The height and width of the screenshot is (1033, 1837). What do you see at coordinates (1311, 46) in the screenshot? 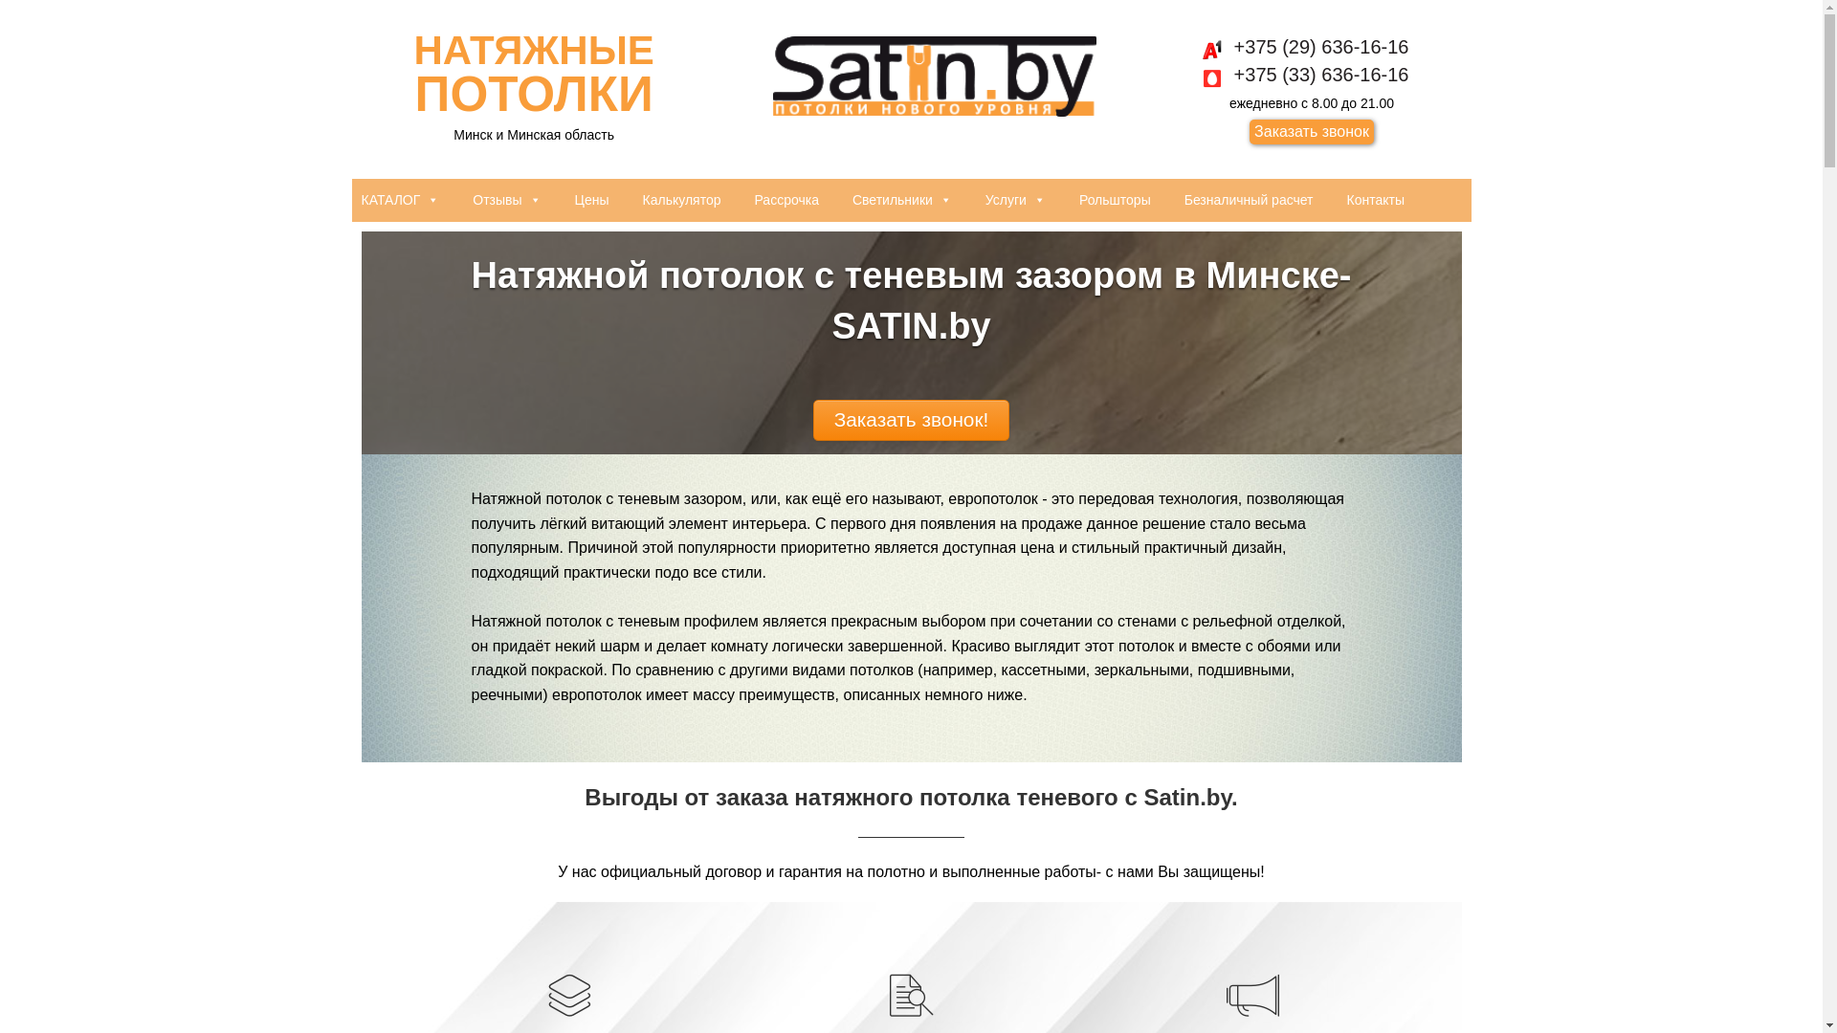
I see `'+375 (29) 636-16-16'` at bounding box center [1311, 46].